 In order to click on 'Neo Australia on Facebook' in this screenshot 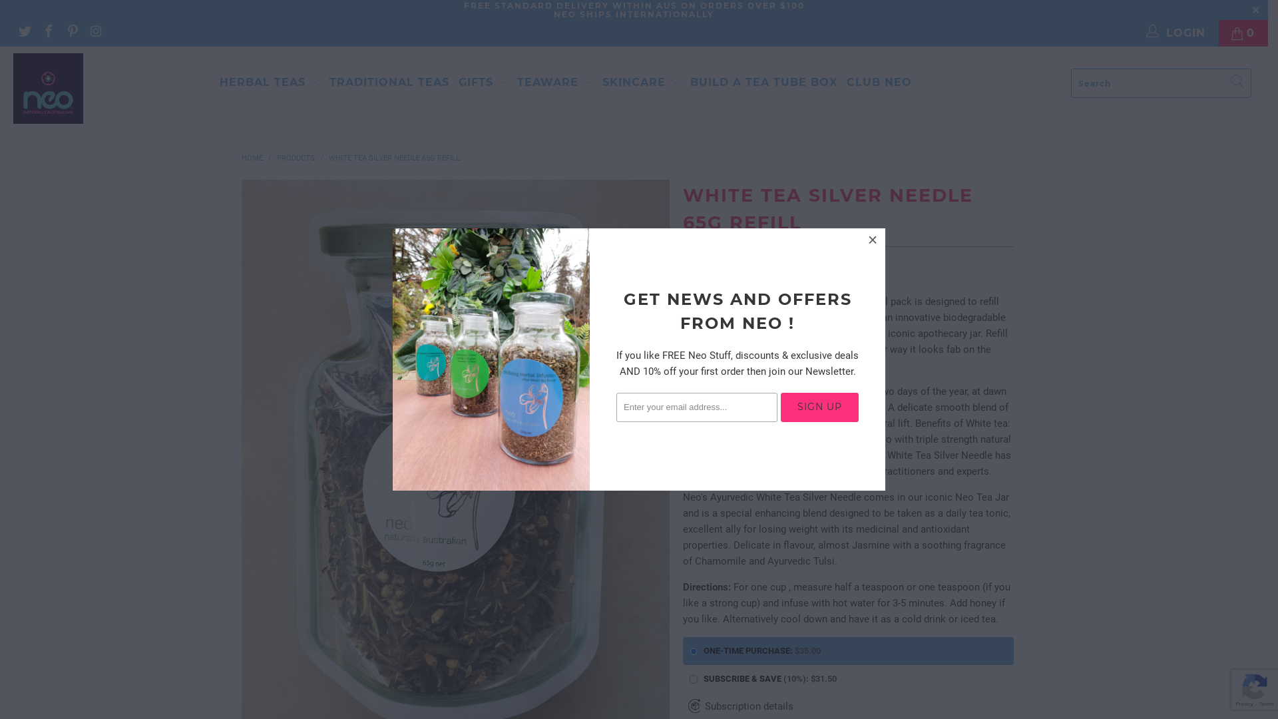, I will do `click(48, 32)`.